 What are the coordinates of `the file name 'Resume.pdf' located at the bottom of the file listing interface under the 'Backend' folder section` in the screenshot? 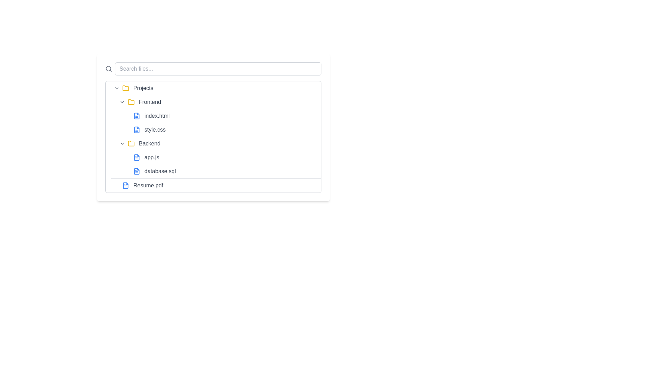 It's located at (148, 185).